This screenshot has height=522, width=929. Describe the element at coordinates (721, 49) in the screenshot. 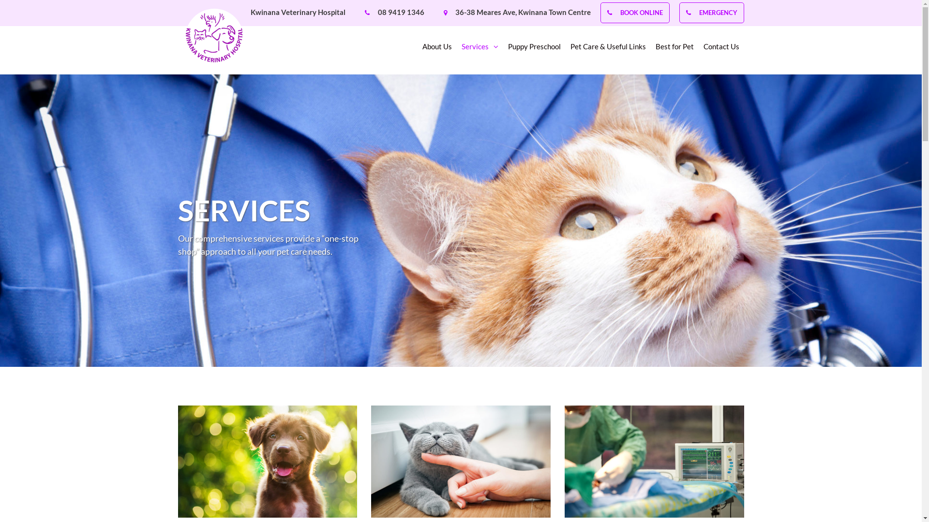

I see `'Contact Us'` at that location.